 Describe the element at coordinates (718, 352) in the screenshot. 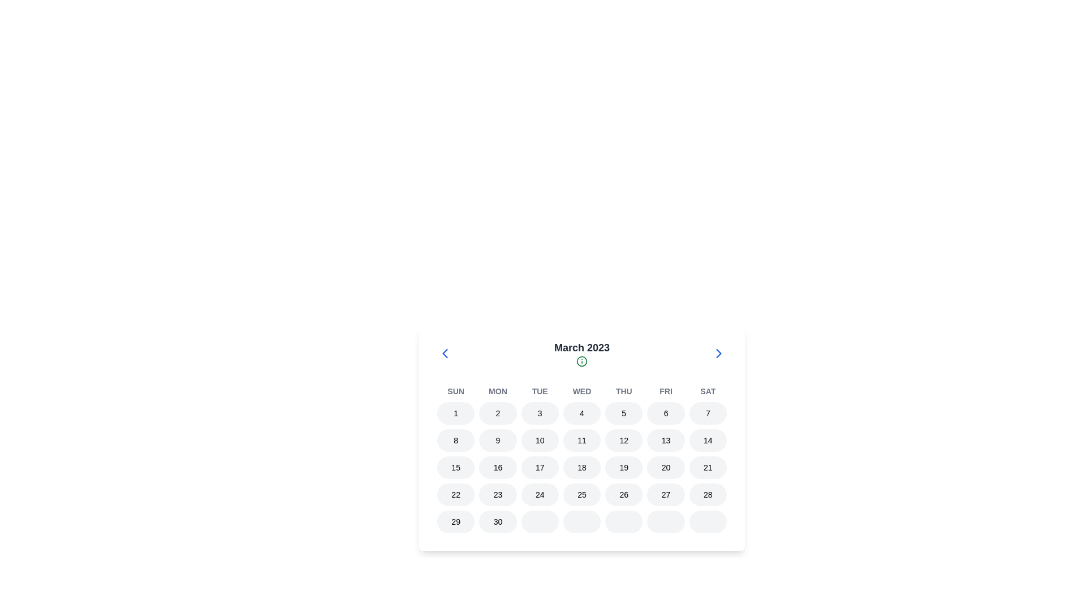

I see `the navigation button located at the far right of the 'March 2023' section to move to the next calendar month` at that location.